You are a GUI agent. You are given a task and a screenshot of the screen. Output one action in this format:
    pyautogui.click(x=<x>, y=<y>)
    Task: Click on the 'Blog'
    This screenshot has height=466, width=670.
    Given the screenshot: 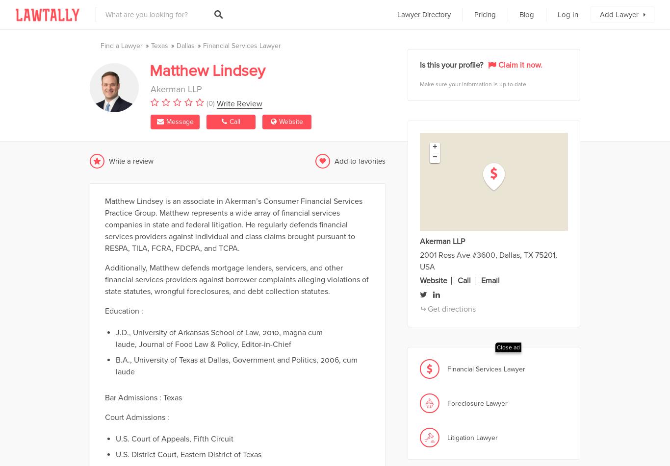 What is the action you would take?
    pyautogui.click(x=526, y=14)
    